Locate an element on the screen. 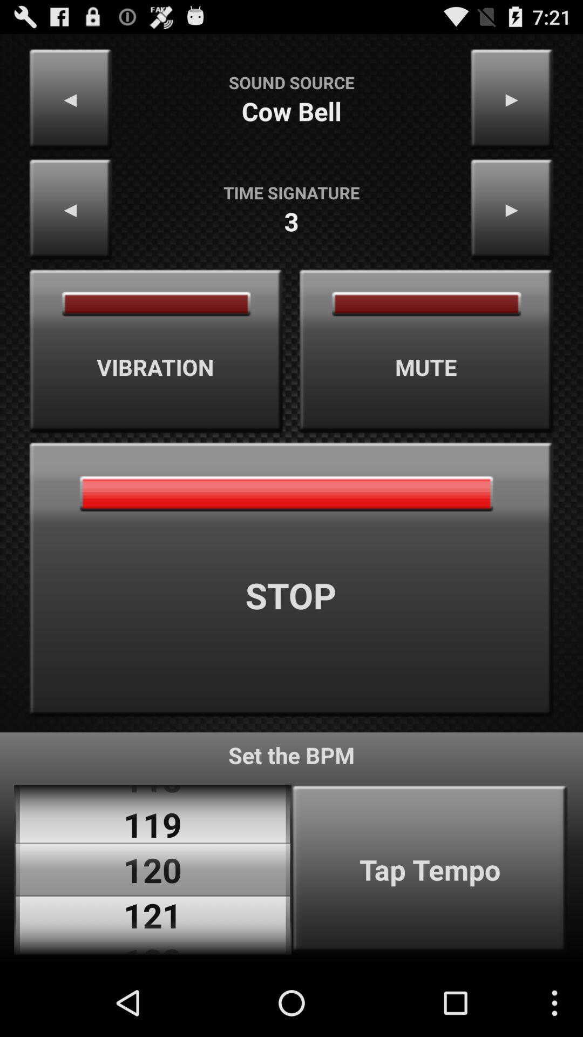 The width and height of the screenshot is (583, 1037). icon to the right of the vibration icon is located at coordinates (426, 351).